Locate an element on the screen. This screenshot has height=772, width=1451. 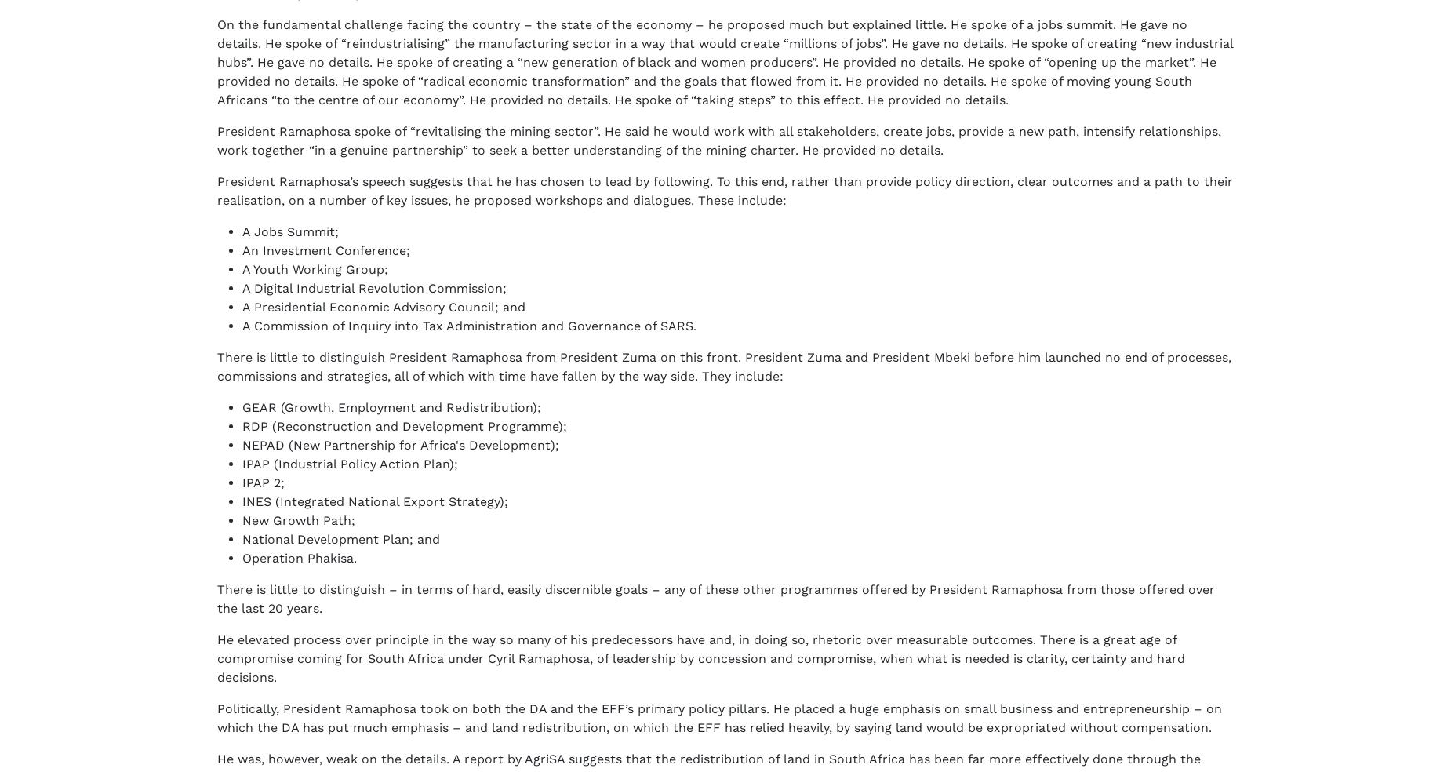
'If you believe that our country can overcome its challenges with the right policies and decisions, we’re on your side.' is located at coordinates (725, 498).